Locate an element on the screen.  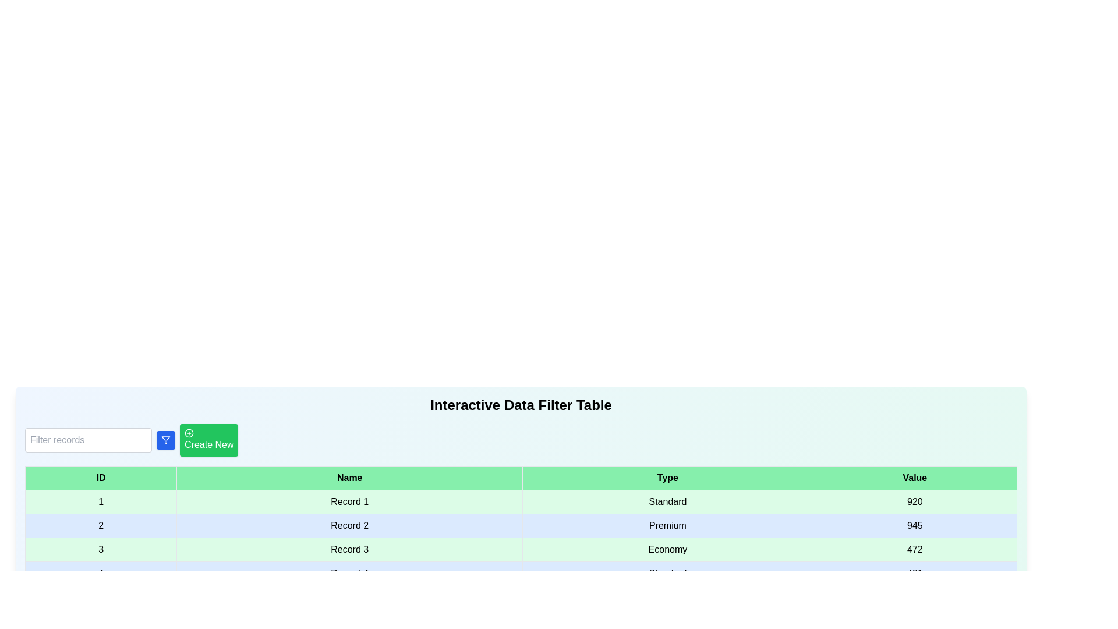
the 'Create New' button to add a new record is located at coordinates (209, 440).